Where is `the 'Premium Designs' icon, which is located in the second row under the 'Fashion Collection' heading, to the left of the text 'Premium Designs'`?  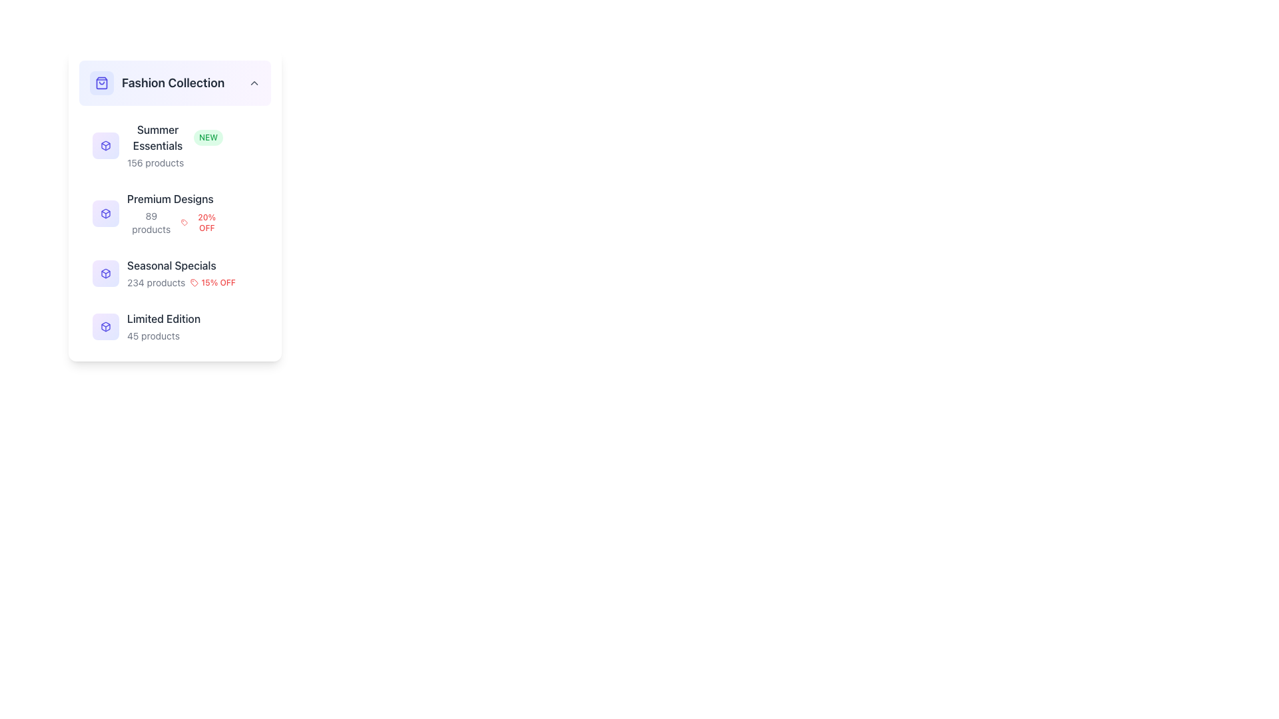 the 'Premium Designs' icon, which is located in the second row under the 'Fashion Collection' heading, to the left of the text 'Premium Designs' is located at coordinates (105, 212).